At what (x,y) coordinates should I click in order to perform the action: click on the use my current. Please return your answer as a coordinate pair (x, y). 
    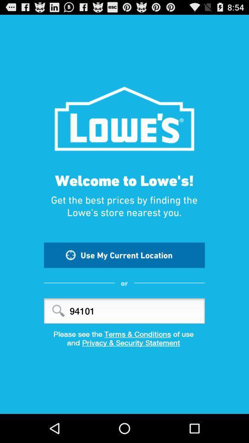
    Looking at the image, I should click on (124, 255).